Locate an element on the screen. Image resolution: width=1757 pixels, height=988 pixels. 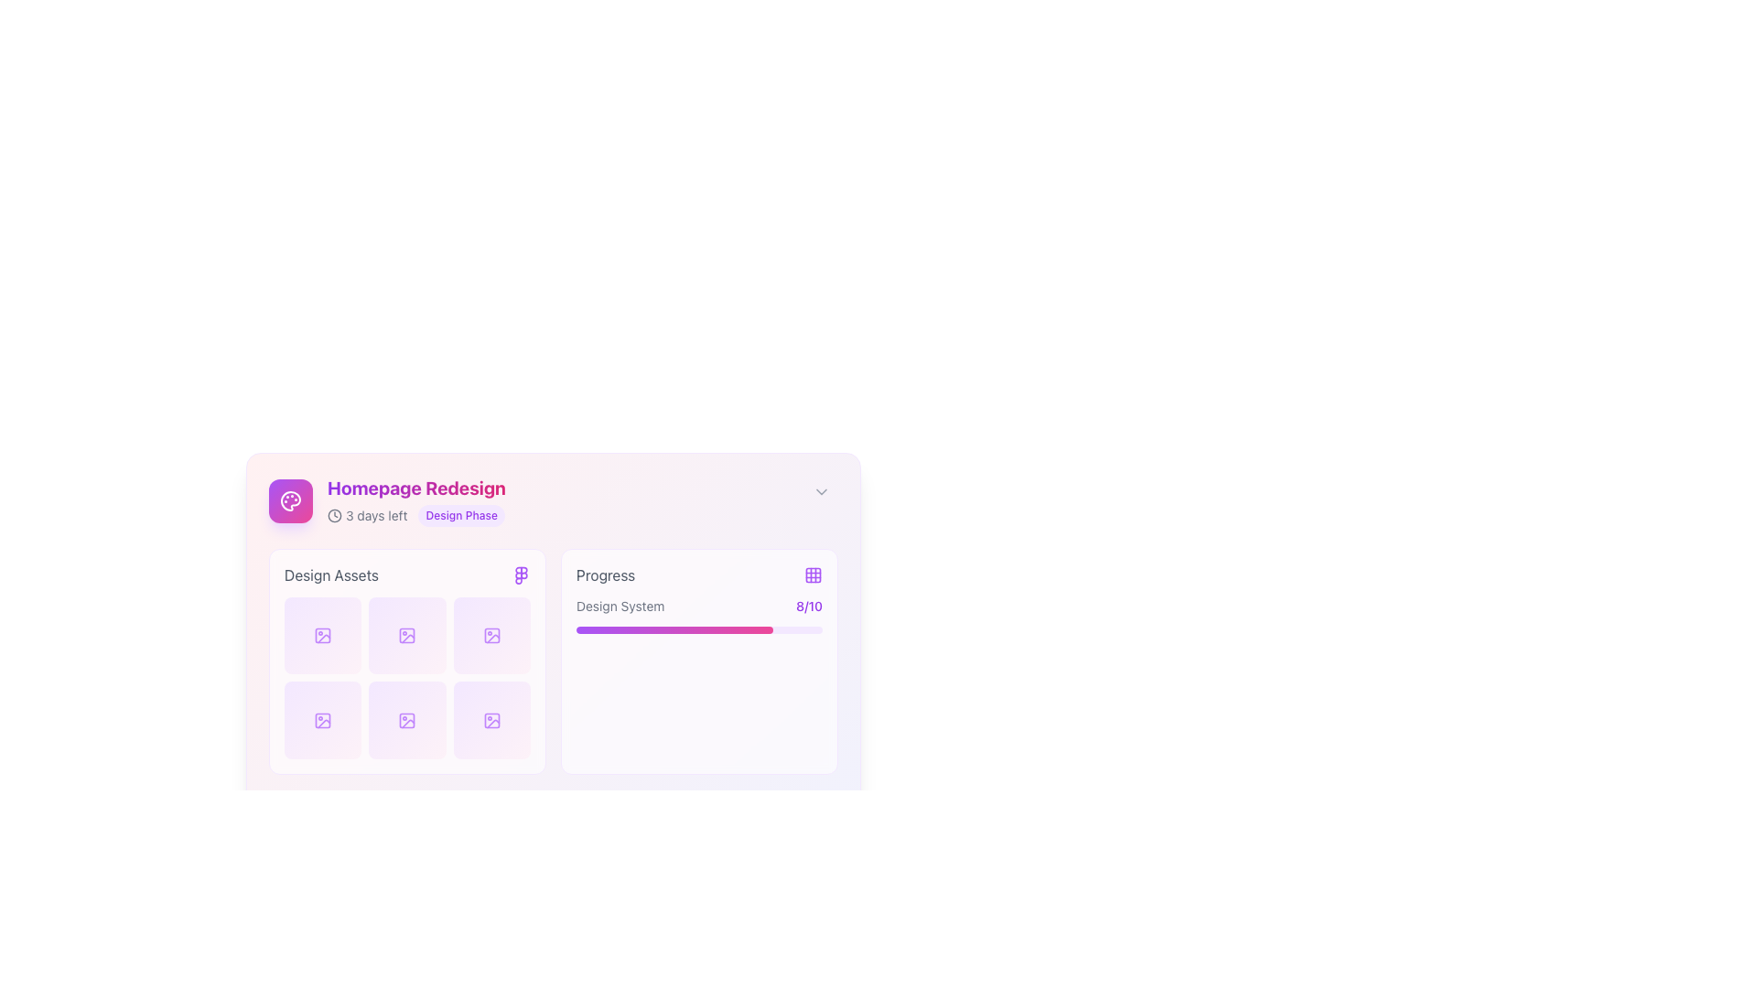
the icon embedded in the tile located in the bottom middle position of the 'Design Assets' section is located at coordinates (406, 719).